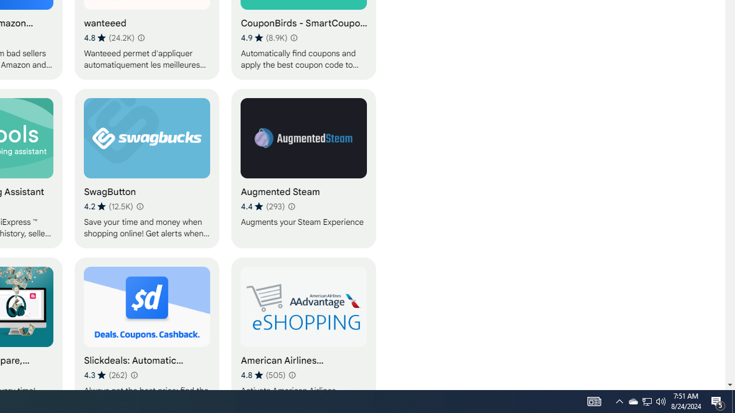 The width and height of the screenshot is (735, 413). I want to click on 'Average rating 4.2 out of 5 stars. 12.5K ratings.', so click(108, 206).